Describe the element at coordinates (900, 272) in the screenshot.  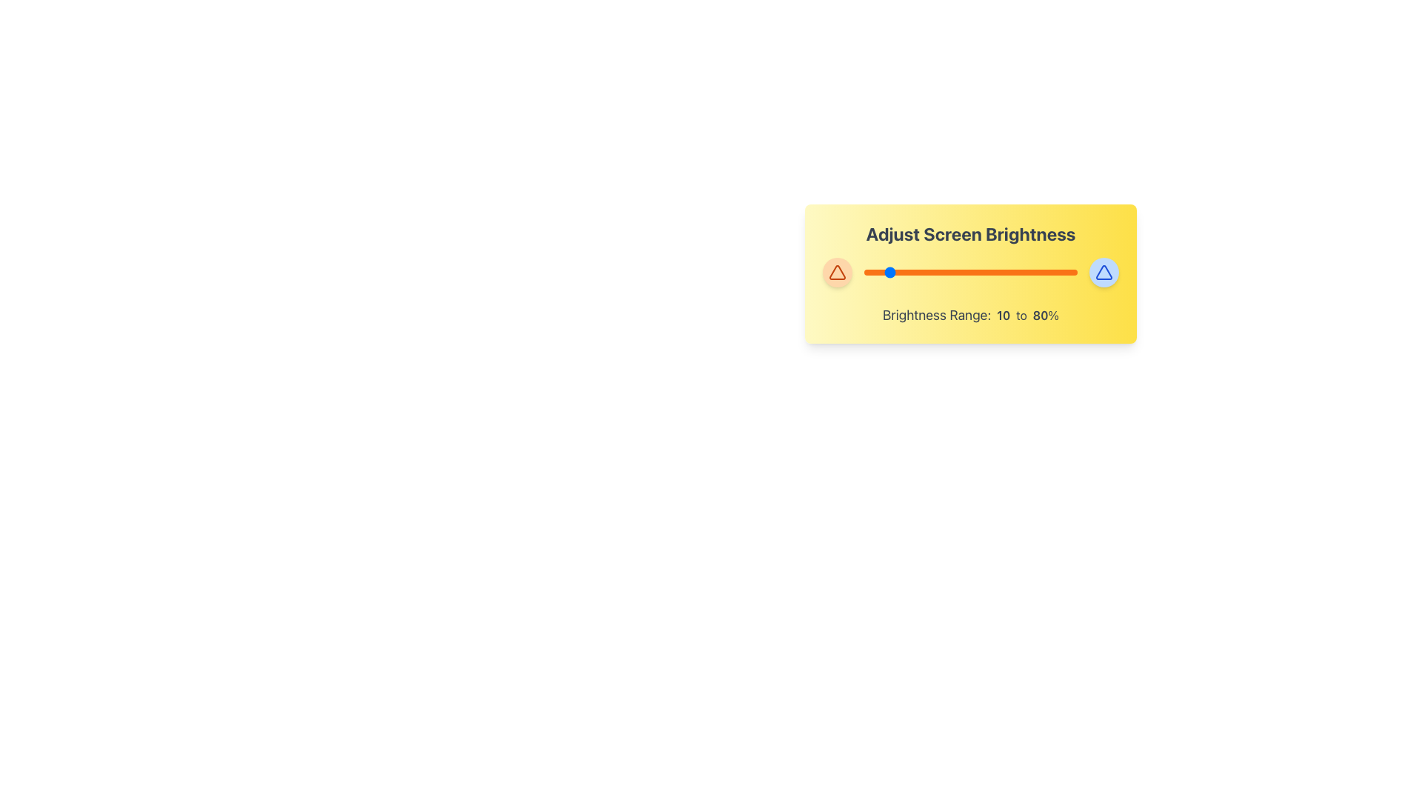
I see `brightness` at that location.